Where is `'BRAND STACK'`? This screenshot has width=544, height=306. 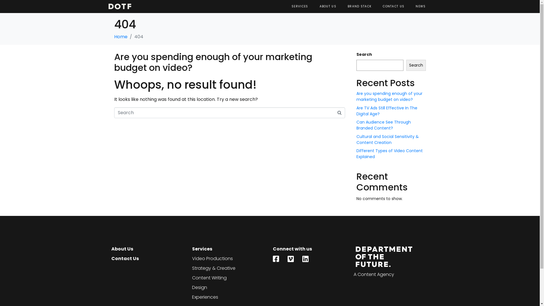 'BRAND STACK' is located at coordinates (359, 7).